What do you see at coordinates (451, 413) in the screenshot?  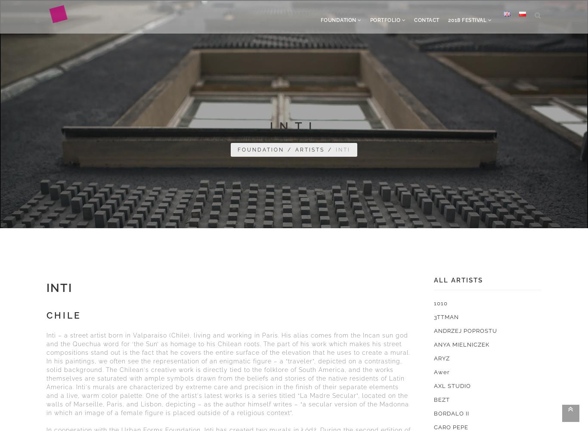 I see `'BORDALO II'` at bounding box center [451, 413].